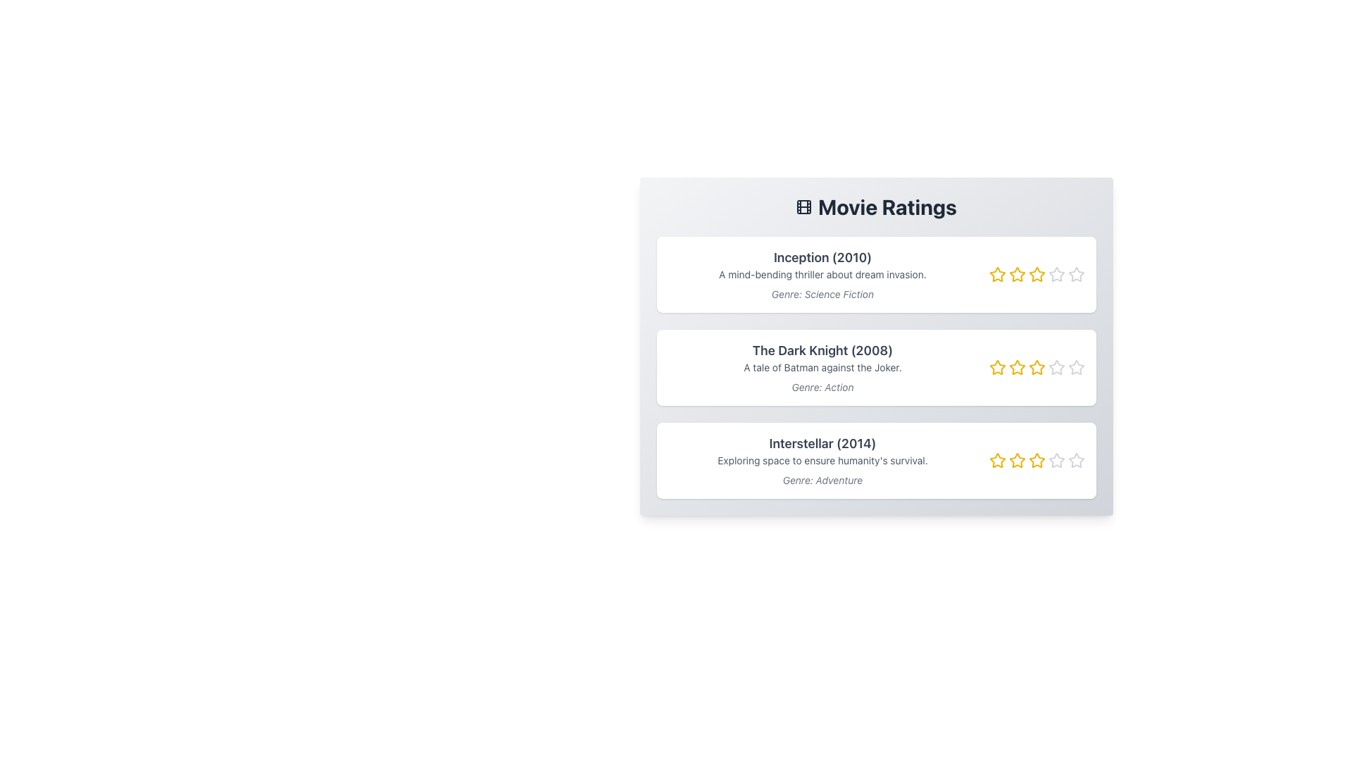  Describe the element at coordinates (1037, 274) in the screenshot. I see `the third star-shaped icon in the 'Inception (2010)' card under the 'Movie Ratings' section` at that location.